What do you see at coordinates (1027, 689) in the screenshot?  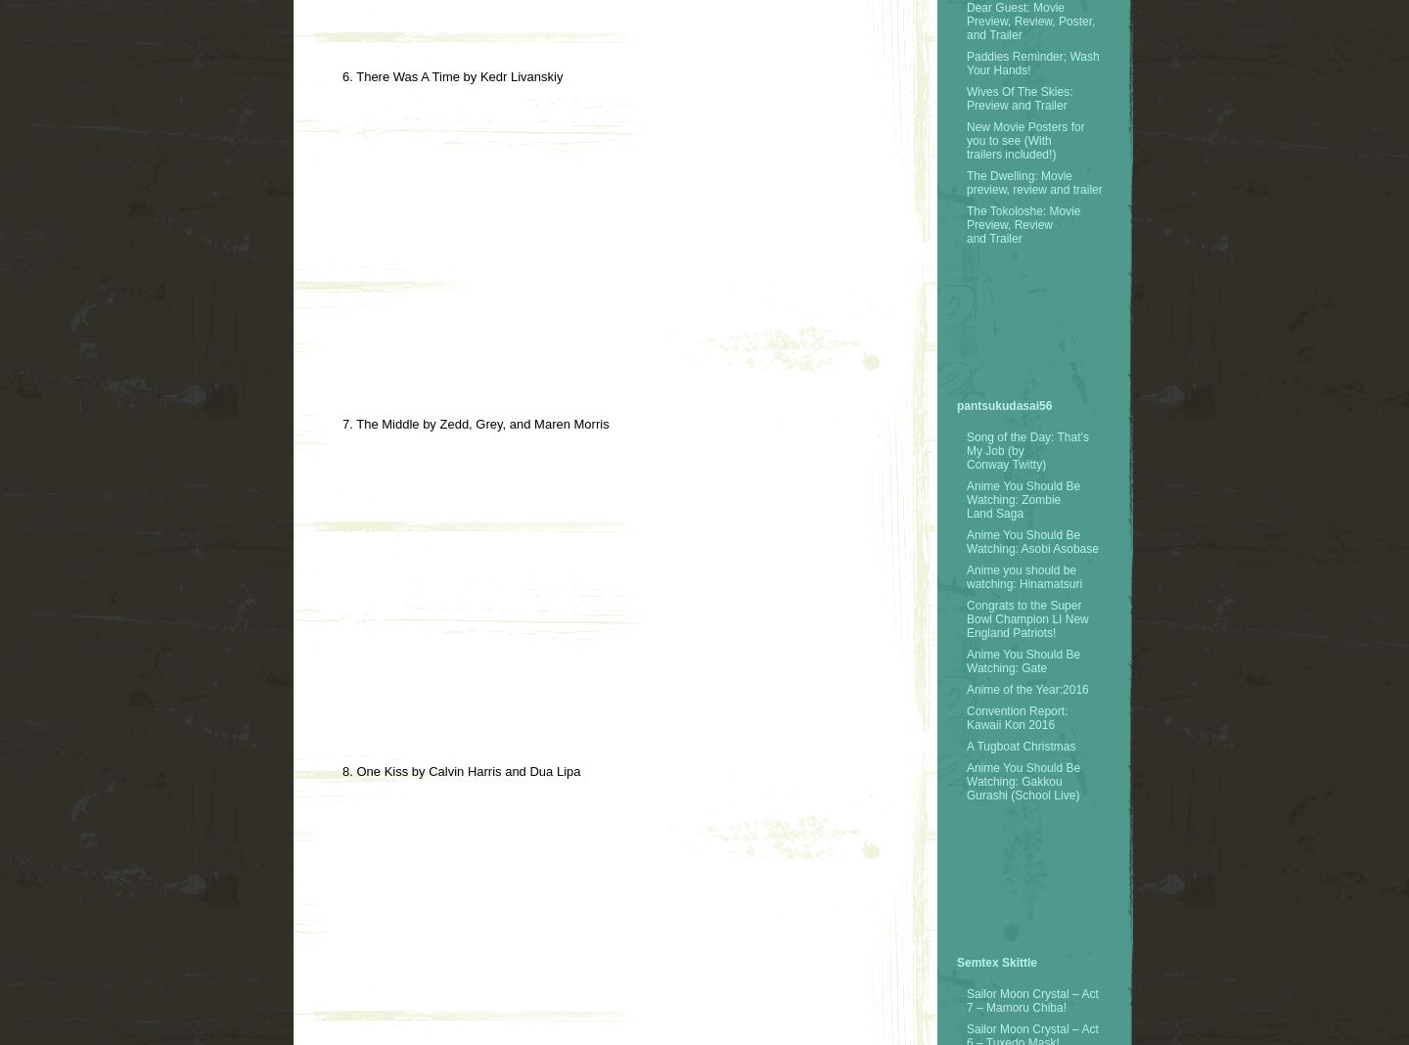 I see `'Anime of the Year:2016'` at bounding box center [1027, 689].